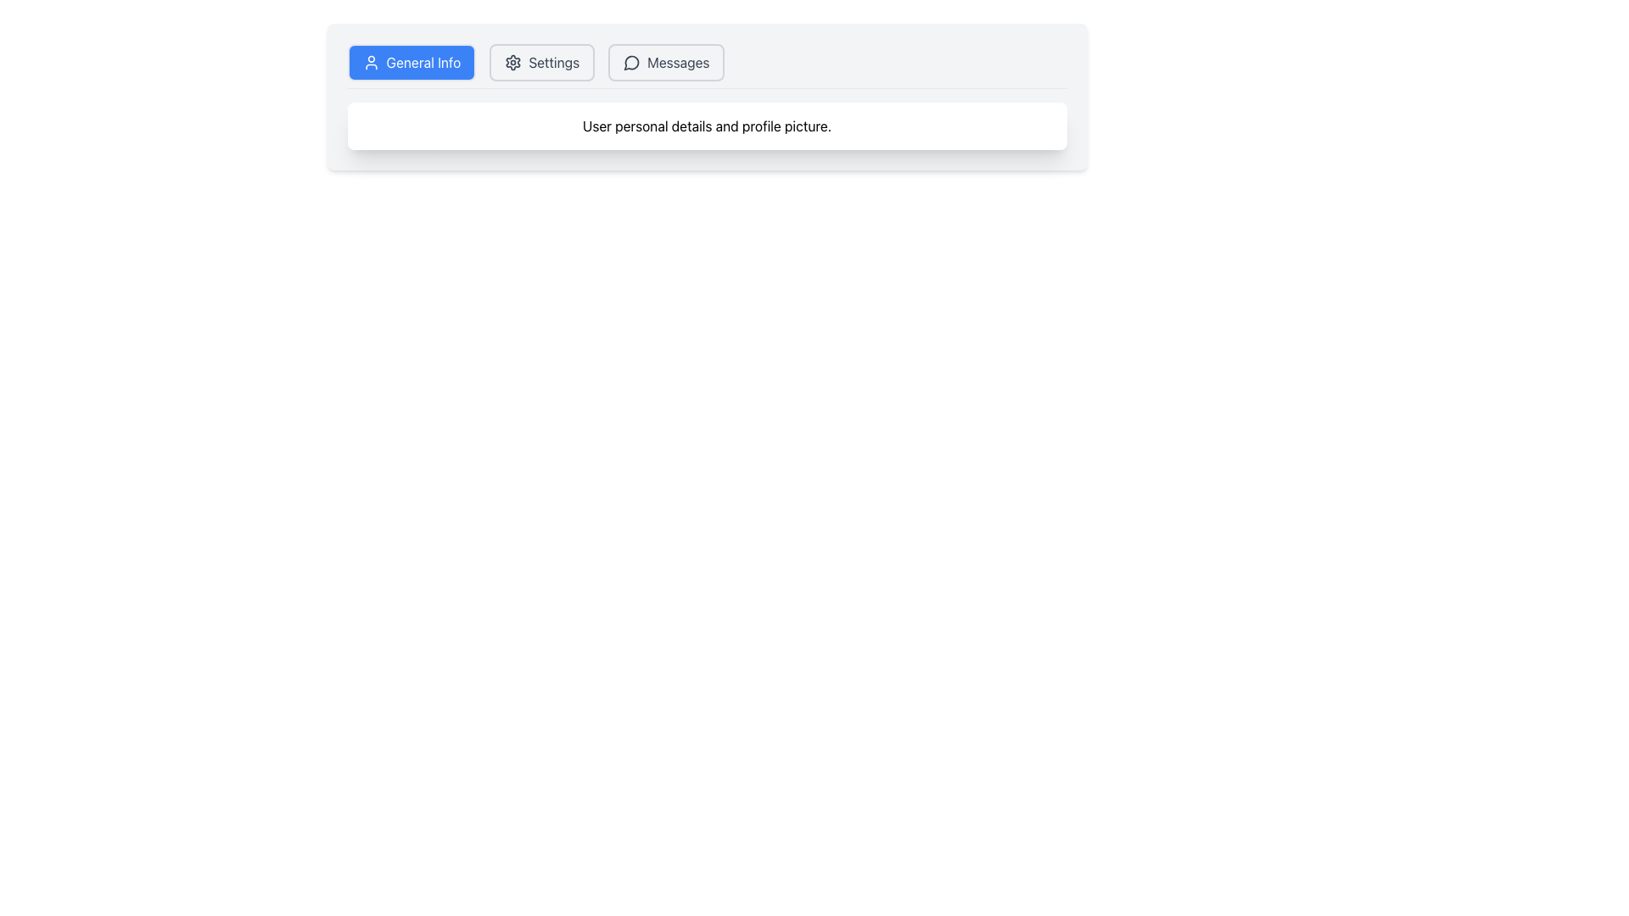  Describe the element at coordinates (631, 61) in the screenshot. I see `the circular chat bubble icon located to the left of the 'Messages' button in the navigation bar` at that location.